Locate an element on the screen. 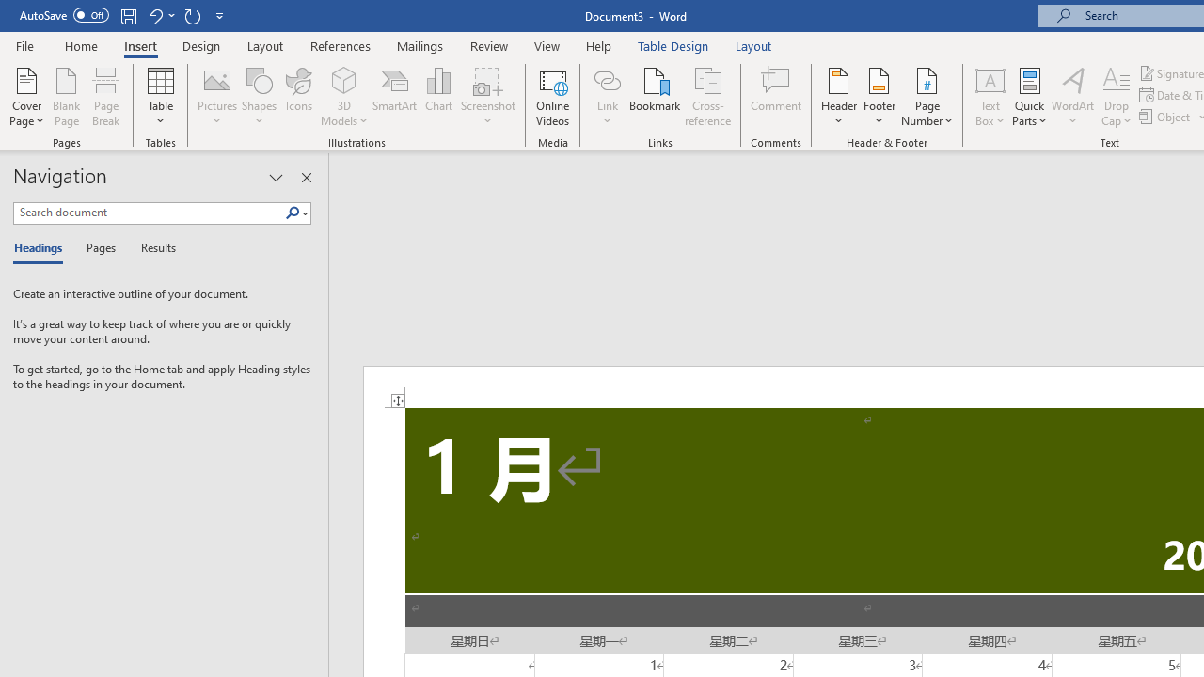  'Screenshot' is located at coordinates (488, 97).